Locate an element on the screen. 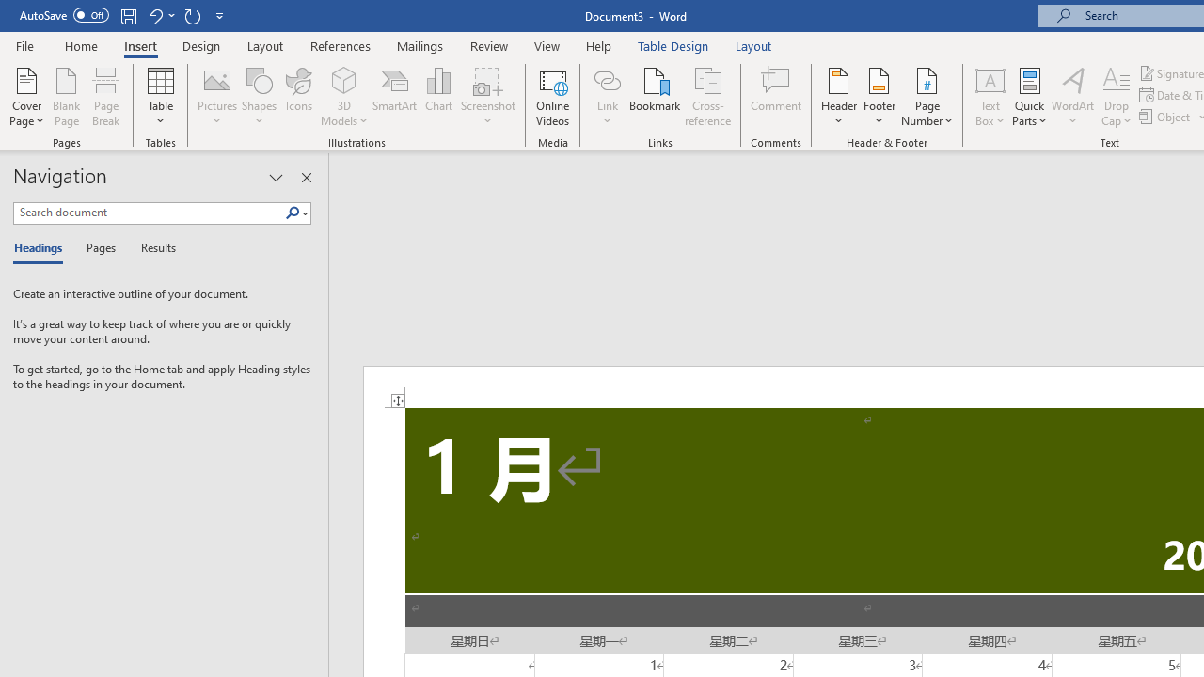  'Screenshot' is located at coordinates (488, 97).